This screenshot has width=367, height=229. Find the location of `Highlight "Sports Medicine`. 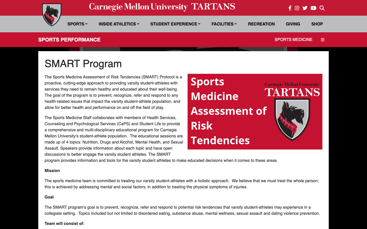

Highlight "Sports Medicine is located at coordinates (294, 39).